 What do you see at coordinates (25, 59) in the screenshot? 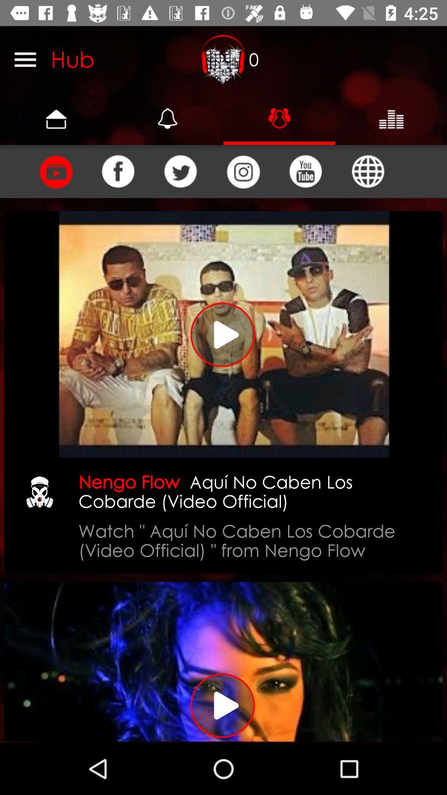
I see `the menu bar` at bounding box center [25, 59].